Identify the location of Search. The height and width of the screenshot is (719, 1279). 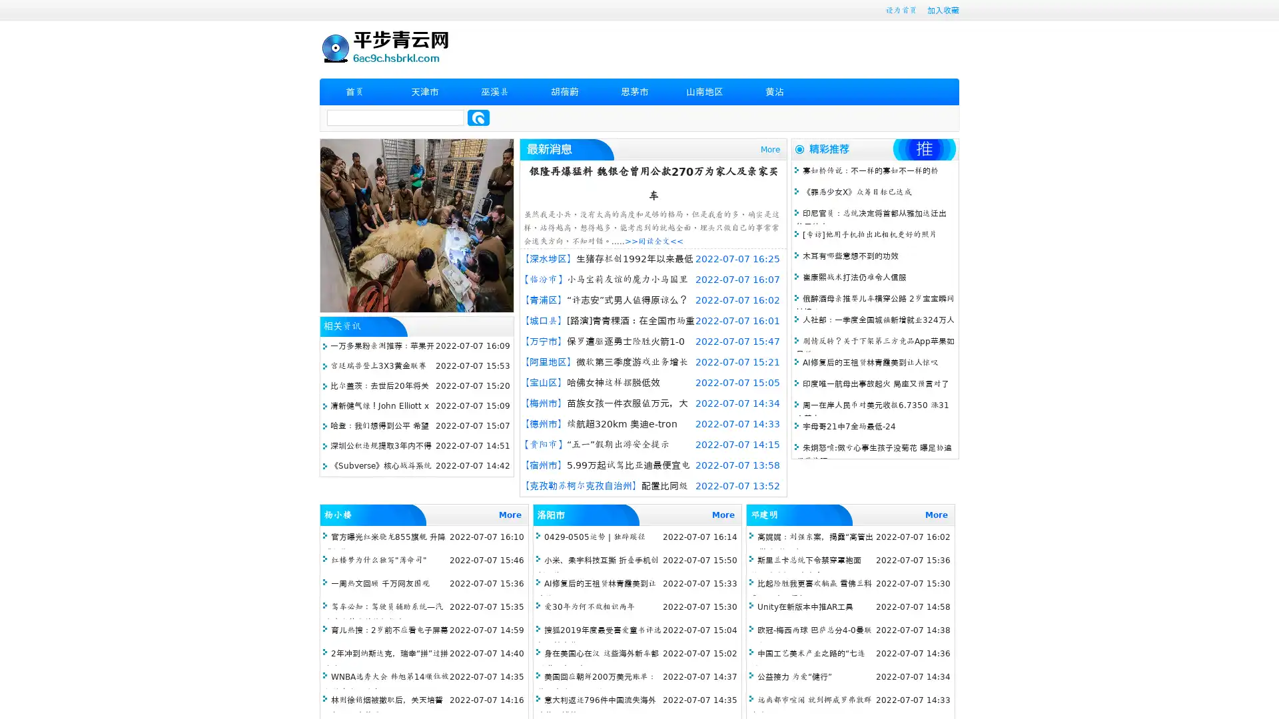
(478, 117).